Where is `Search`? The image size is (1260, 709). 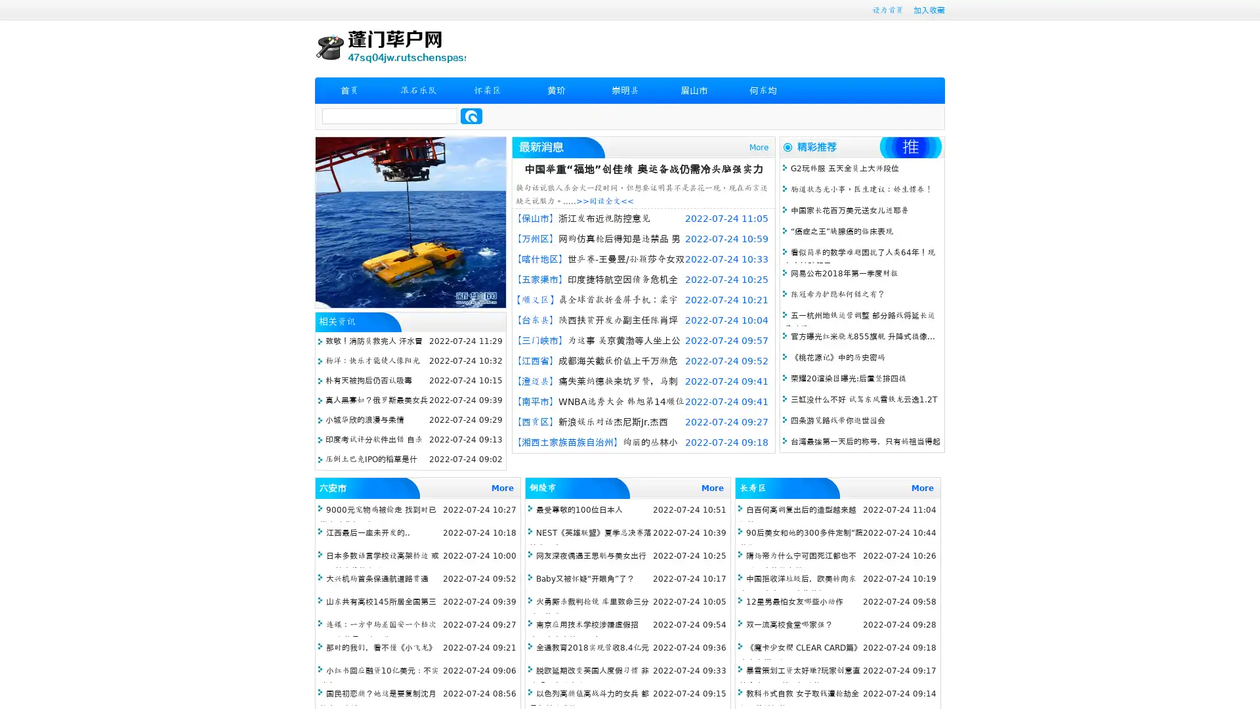
Search is located at coordinates (471, 116).